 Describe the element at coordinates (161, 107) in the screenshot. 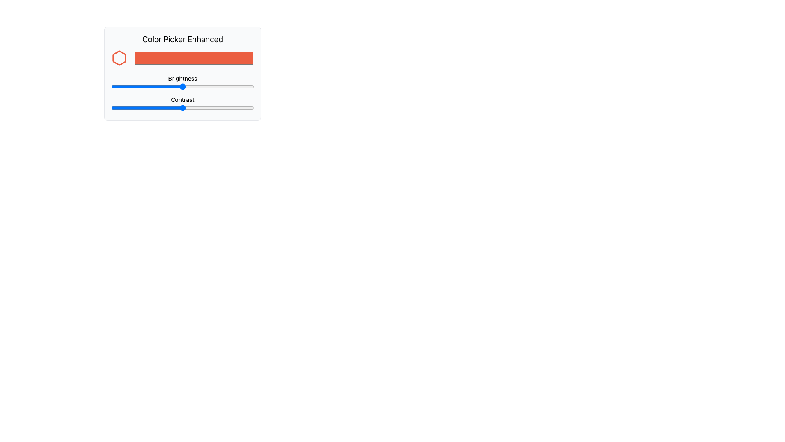

I see `contrast` at that location.